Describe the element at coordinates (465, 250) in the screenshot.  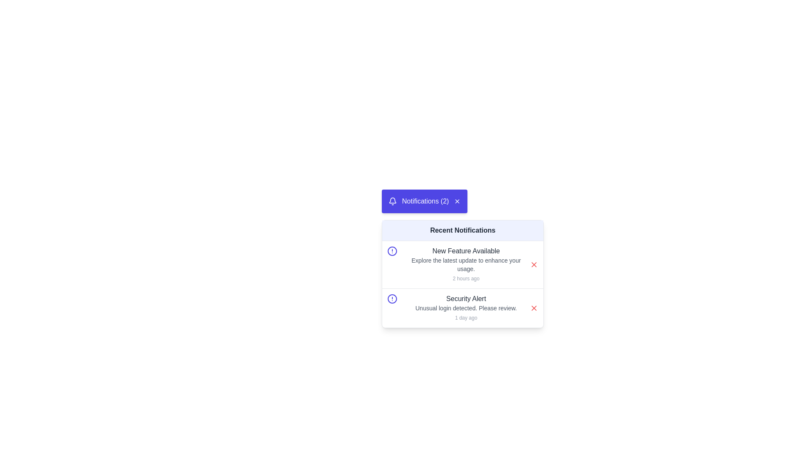
I see `the text label 'New Feature Available' located at the top of the first notification in the 'Recent Notifications' section` at that location.